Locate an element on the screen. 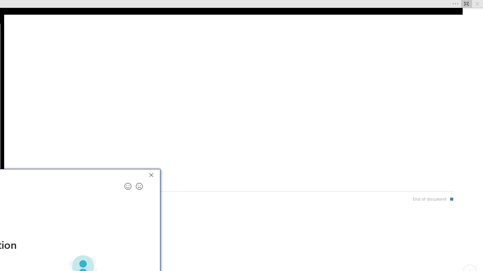 This screenshot has width=483, height=271. 'Always Show Reading Toolbar' is located at coordinates (466, 4).